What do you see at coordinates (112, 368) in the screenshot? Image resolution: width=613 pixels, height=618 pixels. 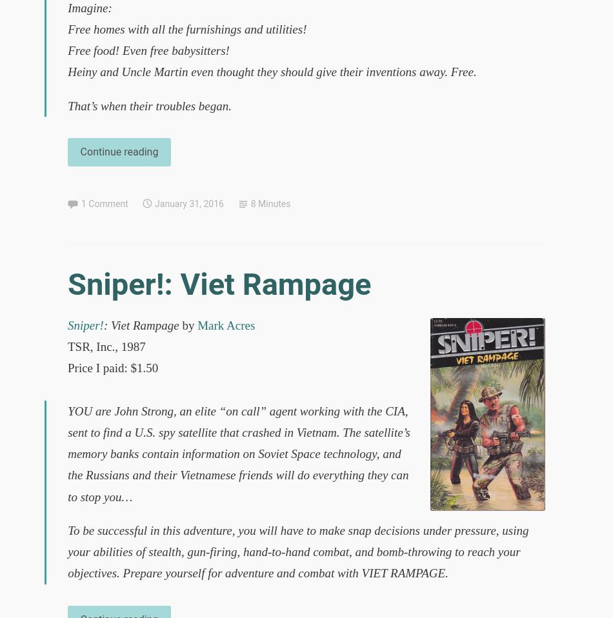 I see `'Price I paid: $1.50'` at bounding box center [112, 368].